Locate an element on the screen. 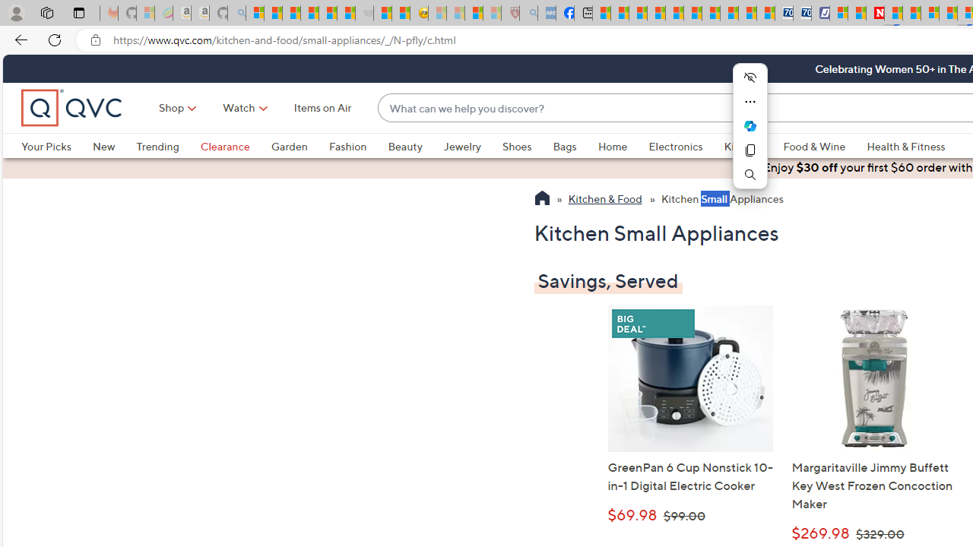 The height and width of the screenshot is (547, 973). 'Clearance' is located at coordinates (223, 146).